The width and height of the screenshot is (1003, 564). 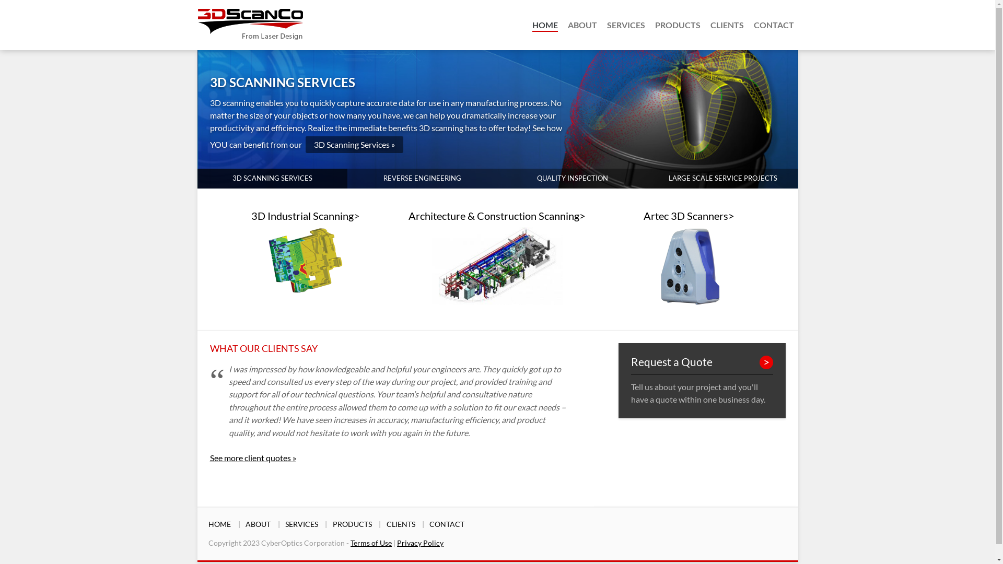 I want to click on 'CONTACT', so click(x=447, y=524).